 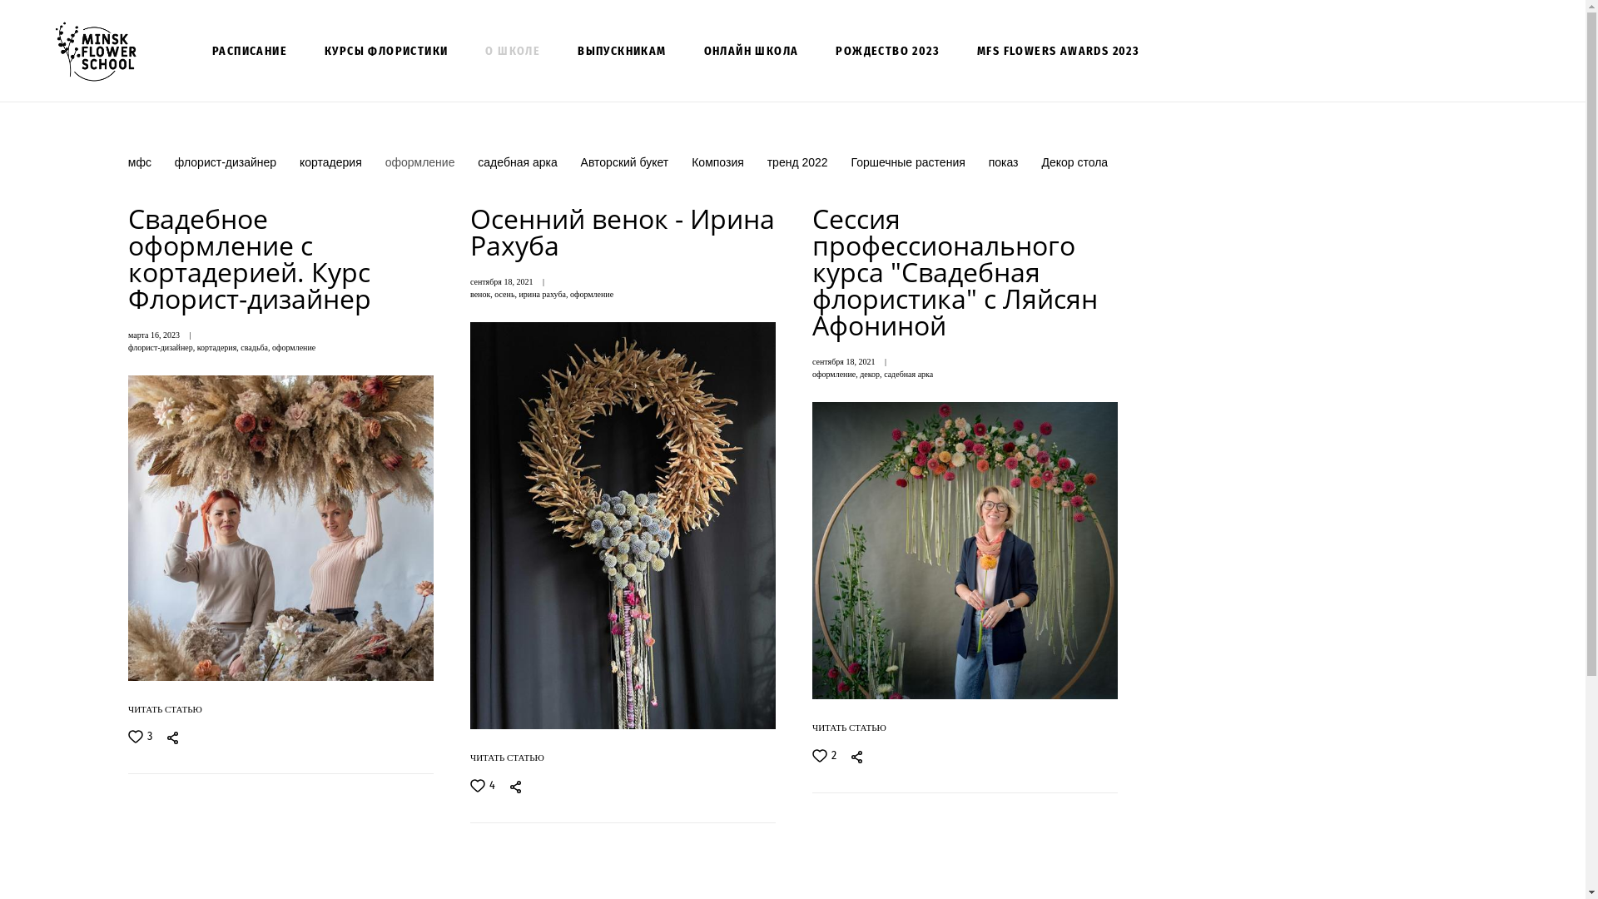 What do you see at coordinates (482, 786) in the screenshot?
I see `'4'` at bounding box center [482, 786].